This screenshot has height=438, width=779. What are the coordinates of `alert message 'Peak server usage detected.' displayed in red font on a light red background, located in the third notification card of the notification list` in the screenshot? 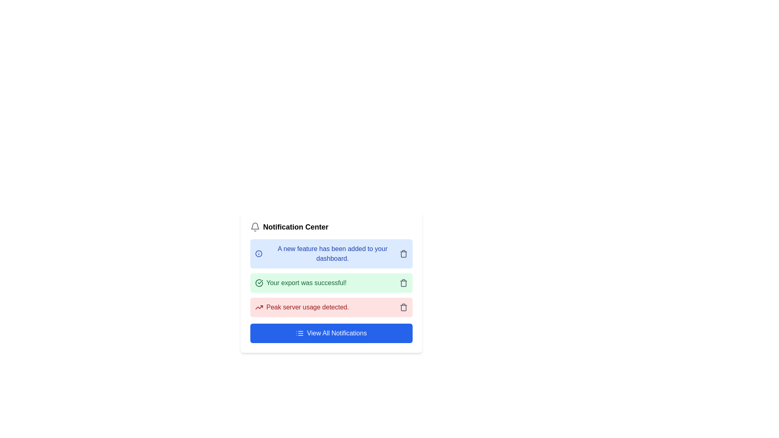 It's located at (301, 307).